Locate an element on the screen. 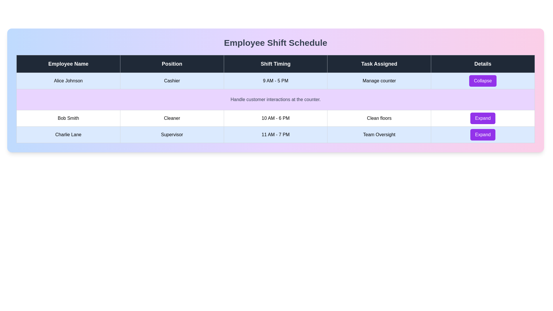  the first row of the employee schedule table, containing details for 'Alice Johnson' is located at coordinates (275, 81).